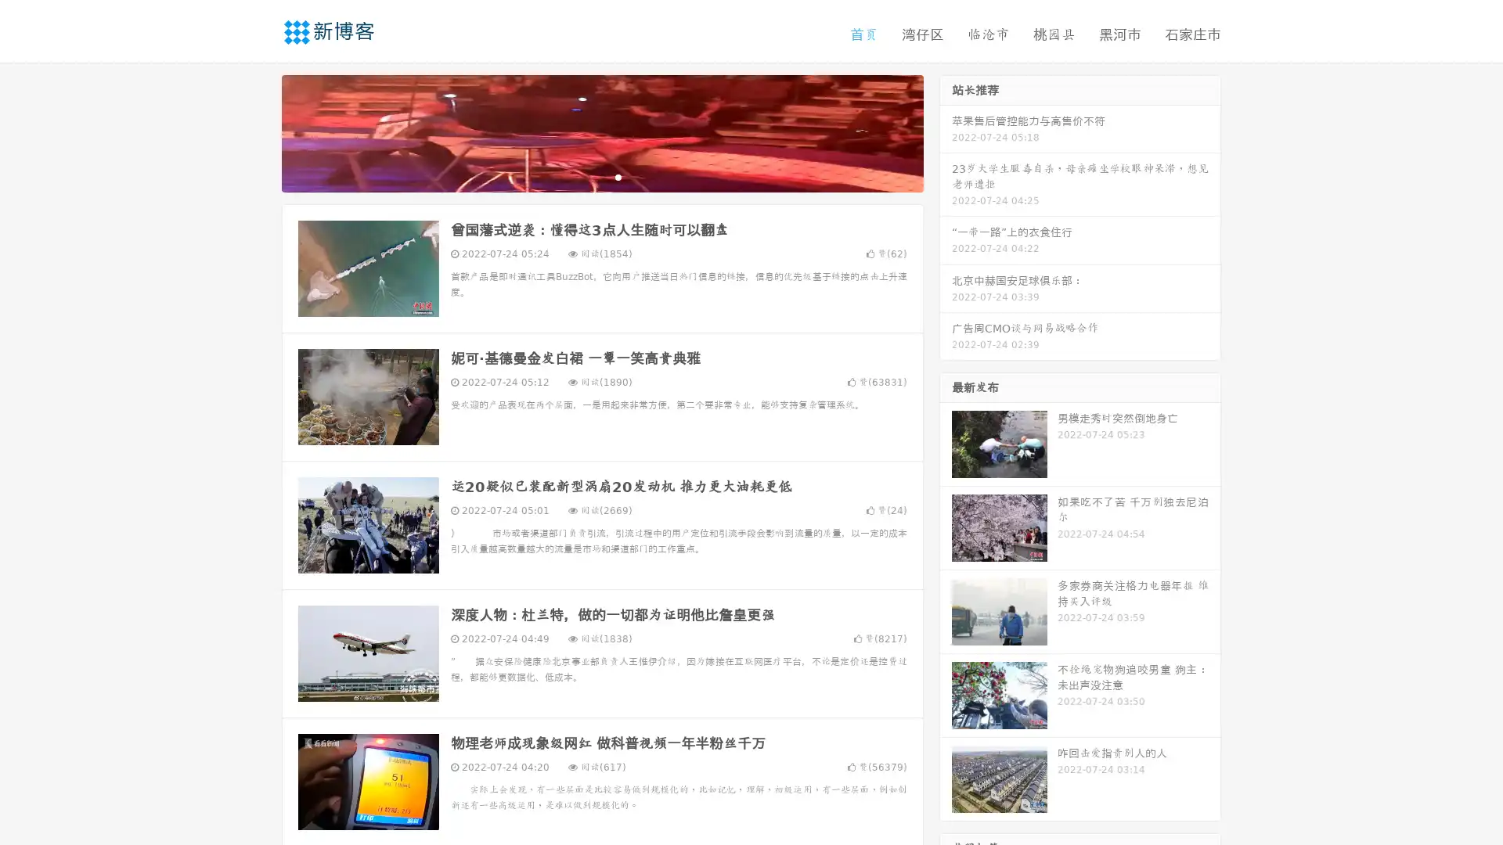 This screenshot has width=1503, height=845. What do you see at coordinates (618, 176) in the screenshot?
I see `Go to slide 3` at bounding box center [618, 176].